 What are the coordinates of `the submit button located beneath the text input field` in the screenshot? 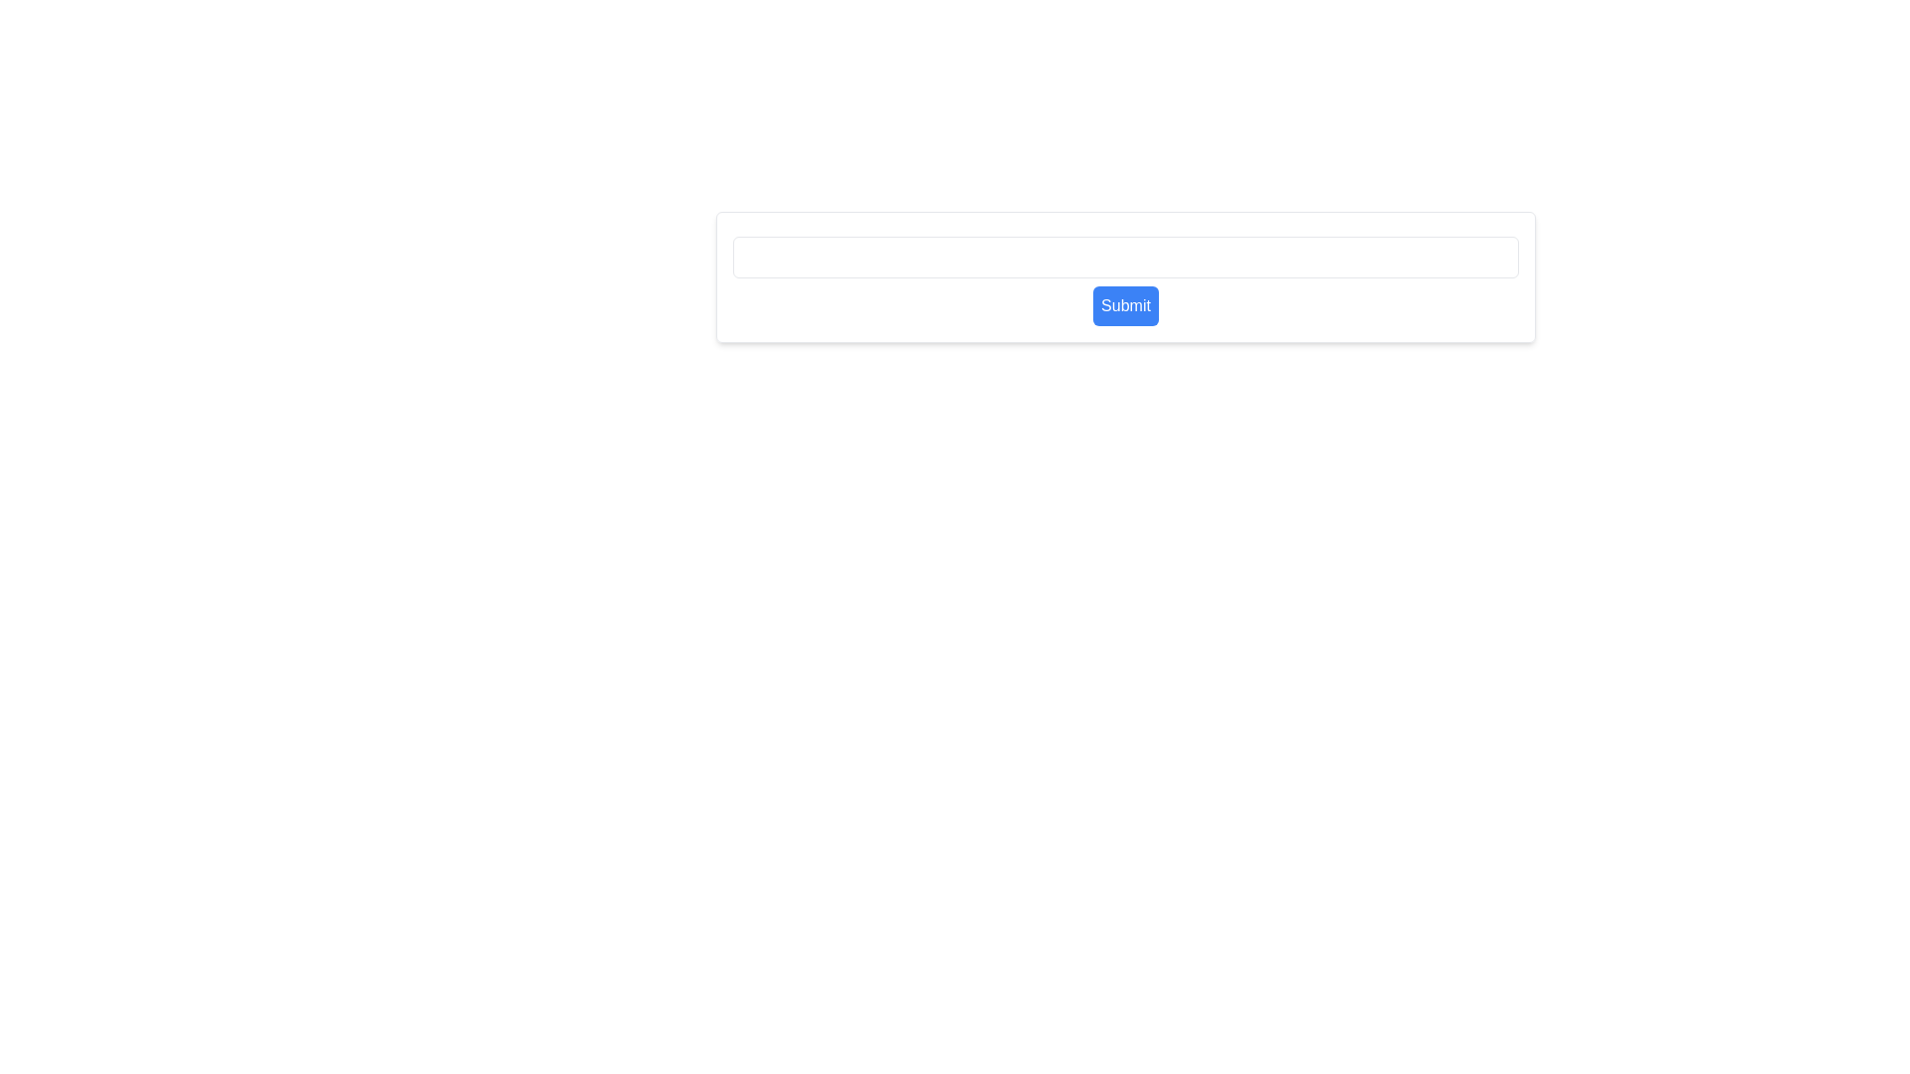 It's located at (1126, 306).